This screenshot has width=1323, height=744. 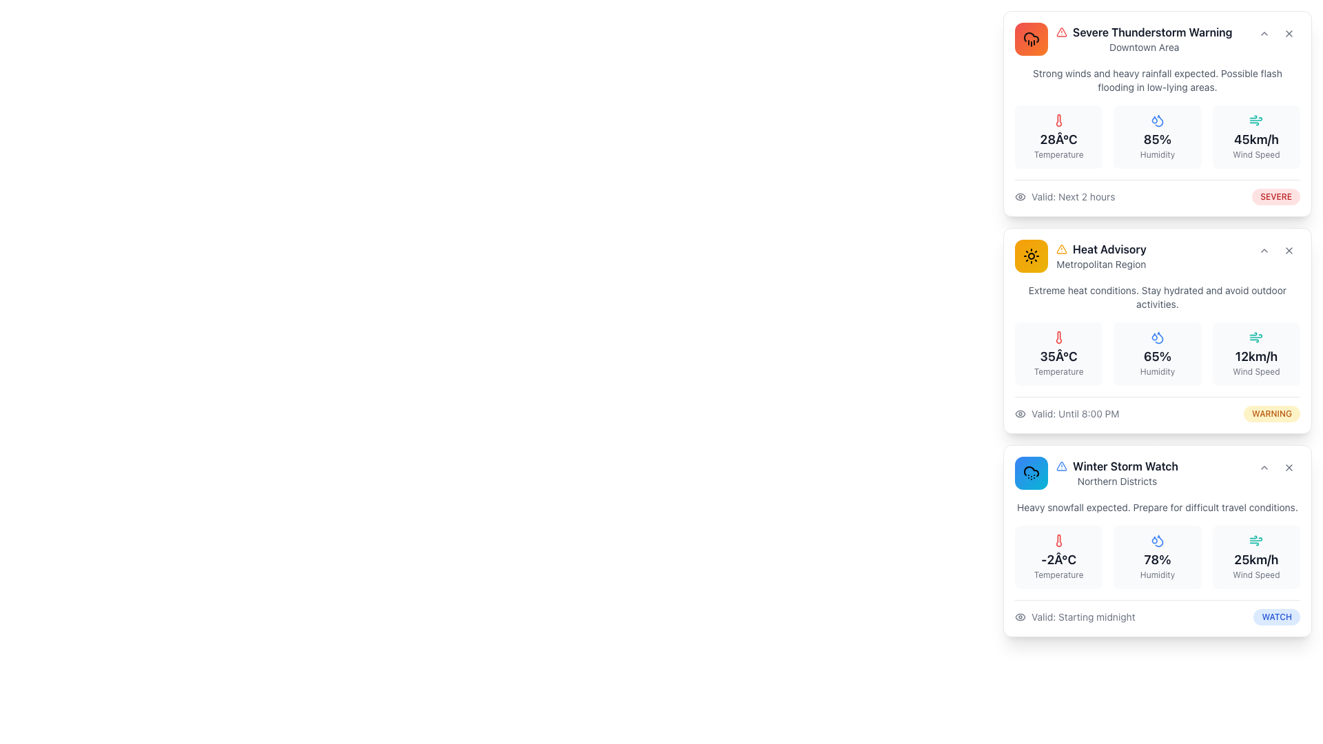 I want to click on the static text element displaying the wind speed value in the 'Wind Speed' section of the weather details card for 'Severe Thunderstorm Warning', so click(x=1256, y=140).